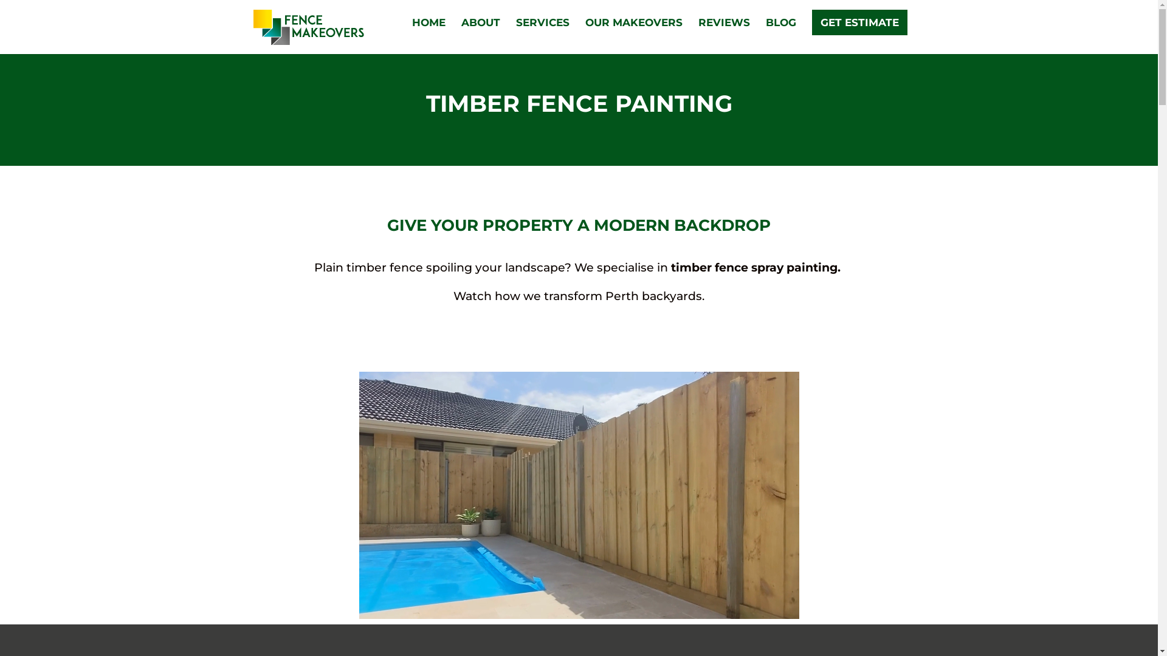  Describe the element at coordinates (480, 35) in the screenshot. I see `'ABOUT'` at that location.